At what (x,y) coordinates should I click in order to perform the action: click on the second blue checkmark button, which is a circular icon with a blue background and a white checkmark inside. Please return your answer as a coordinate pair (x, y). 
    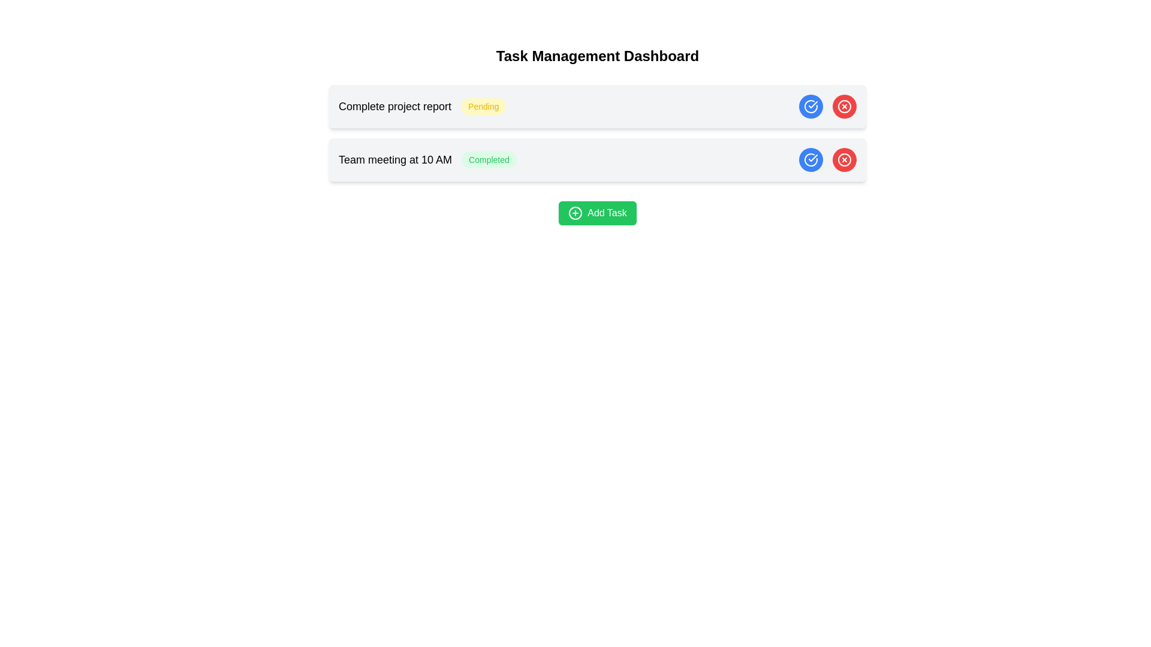
    Looking at the image, I should click on (811, 159).